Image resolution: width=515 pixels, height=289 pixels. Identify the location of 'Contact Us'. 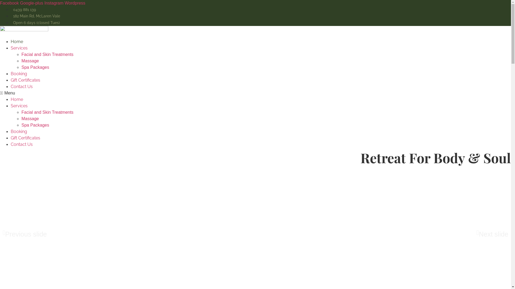
(10, 144).